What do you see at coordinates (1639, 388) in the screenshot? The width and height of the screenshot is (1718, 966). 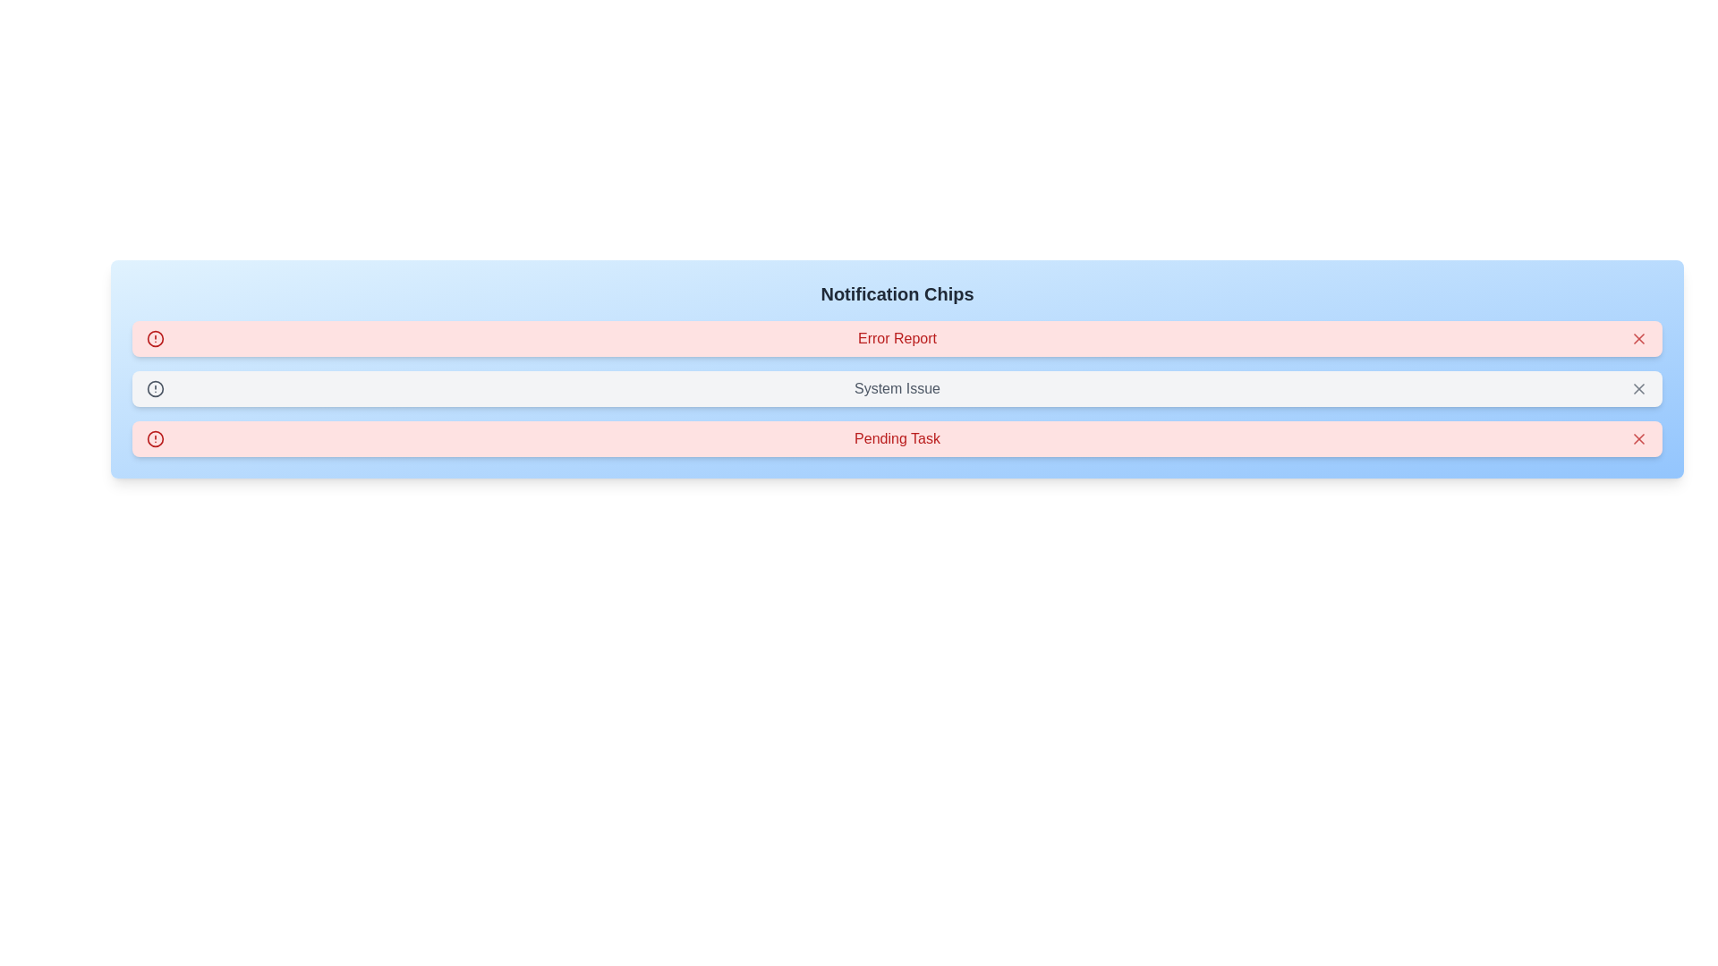 I see `the close button of the chip labeled System Issue` at bounding box center [1639, 388].